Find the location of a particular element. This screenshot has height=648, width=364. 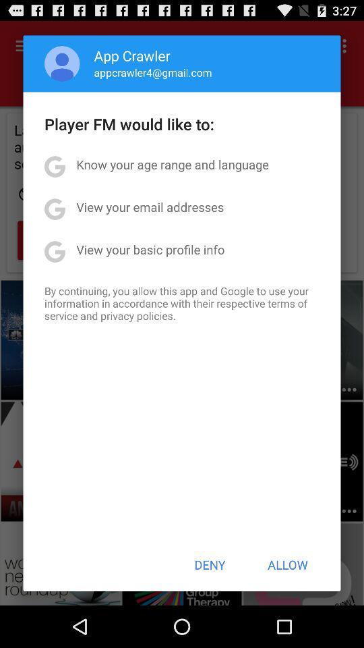

appcrawler4@gmail.com item is located at coordinates (152, 72).